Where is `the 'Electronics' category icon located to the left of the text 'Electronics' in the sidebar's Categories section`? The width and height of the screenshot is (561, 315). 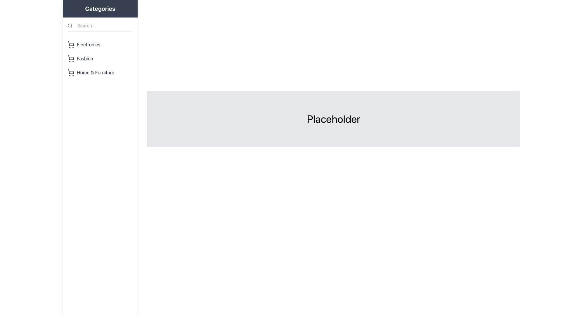
the 'Electronics' category icon located to the left of the text 'Electronics' in the sidebar's Categories section is located at coordinates (71, 44).